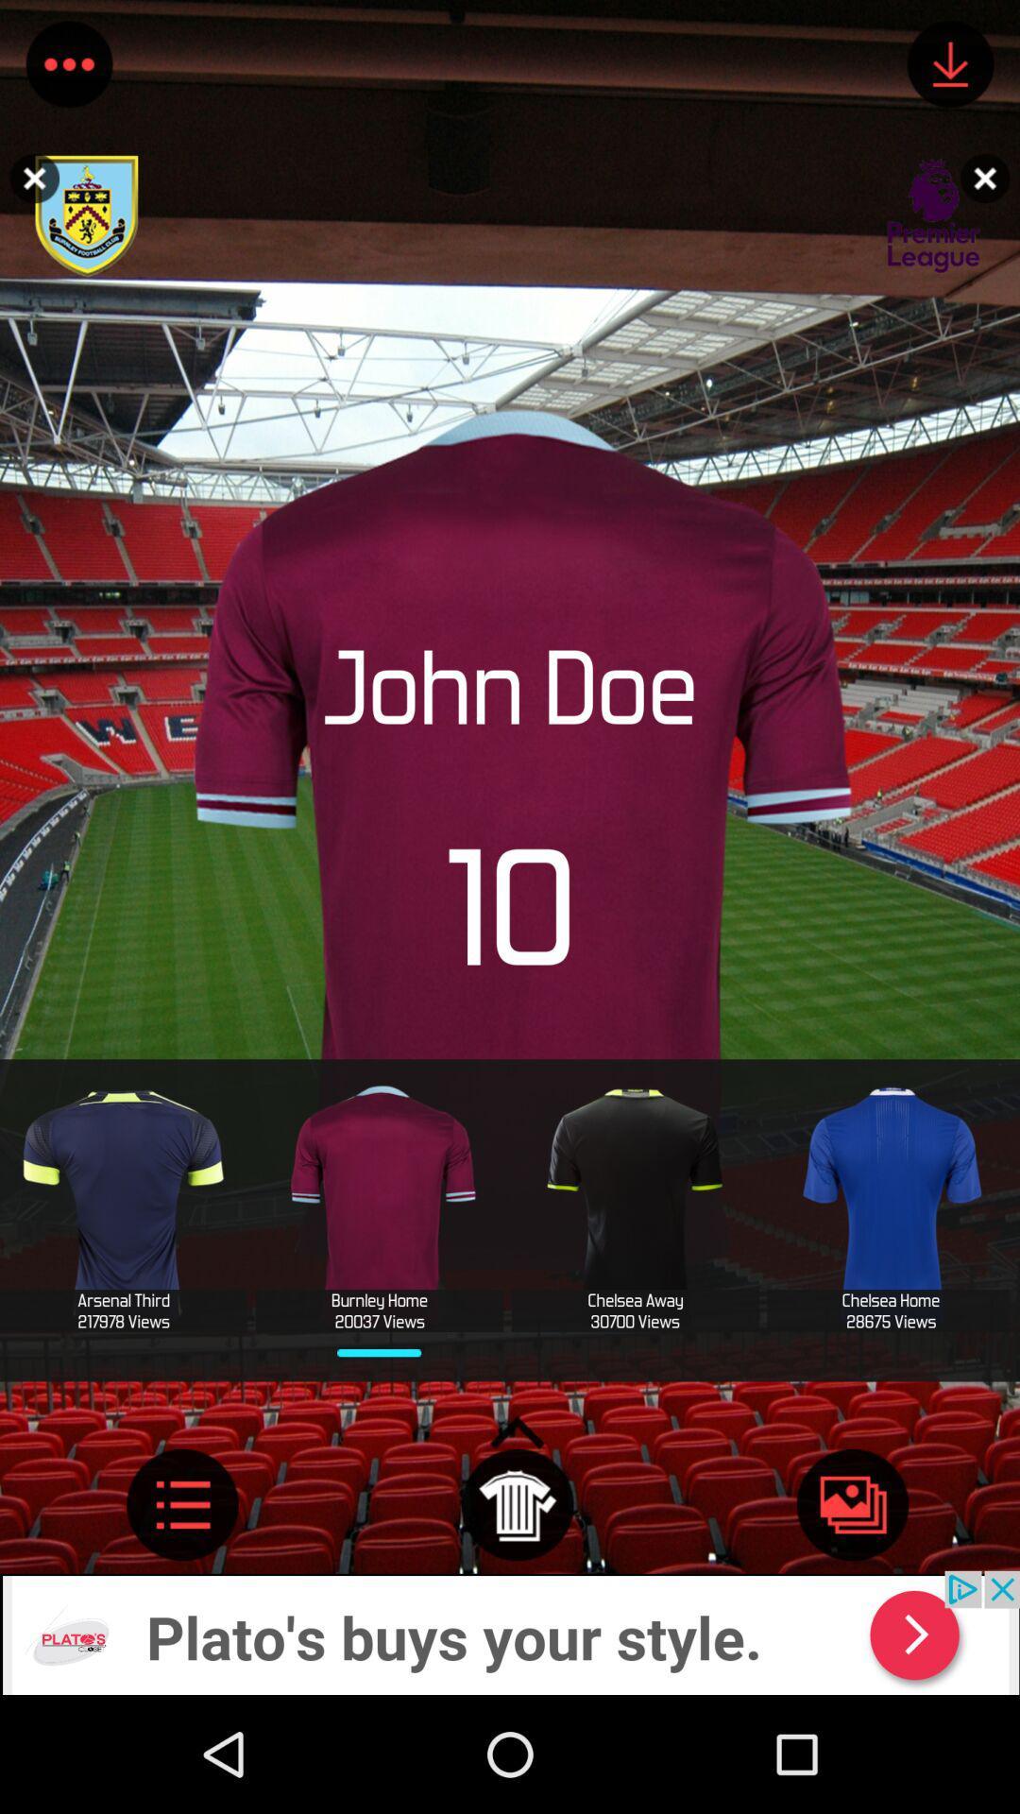 This screenshot has width=1020, height=1814. I want to click on the close icon, so click(29, 178).